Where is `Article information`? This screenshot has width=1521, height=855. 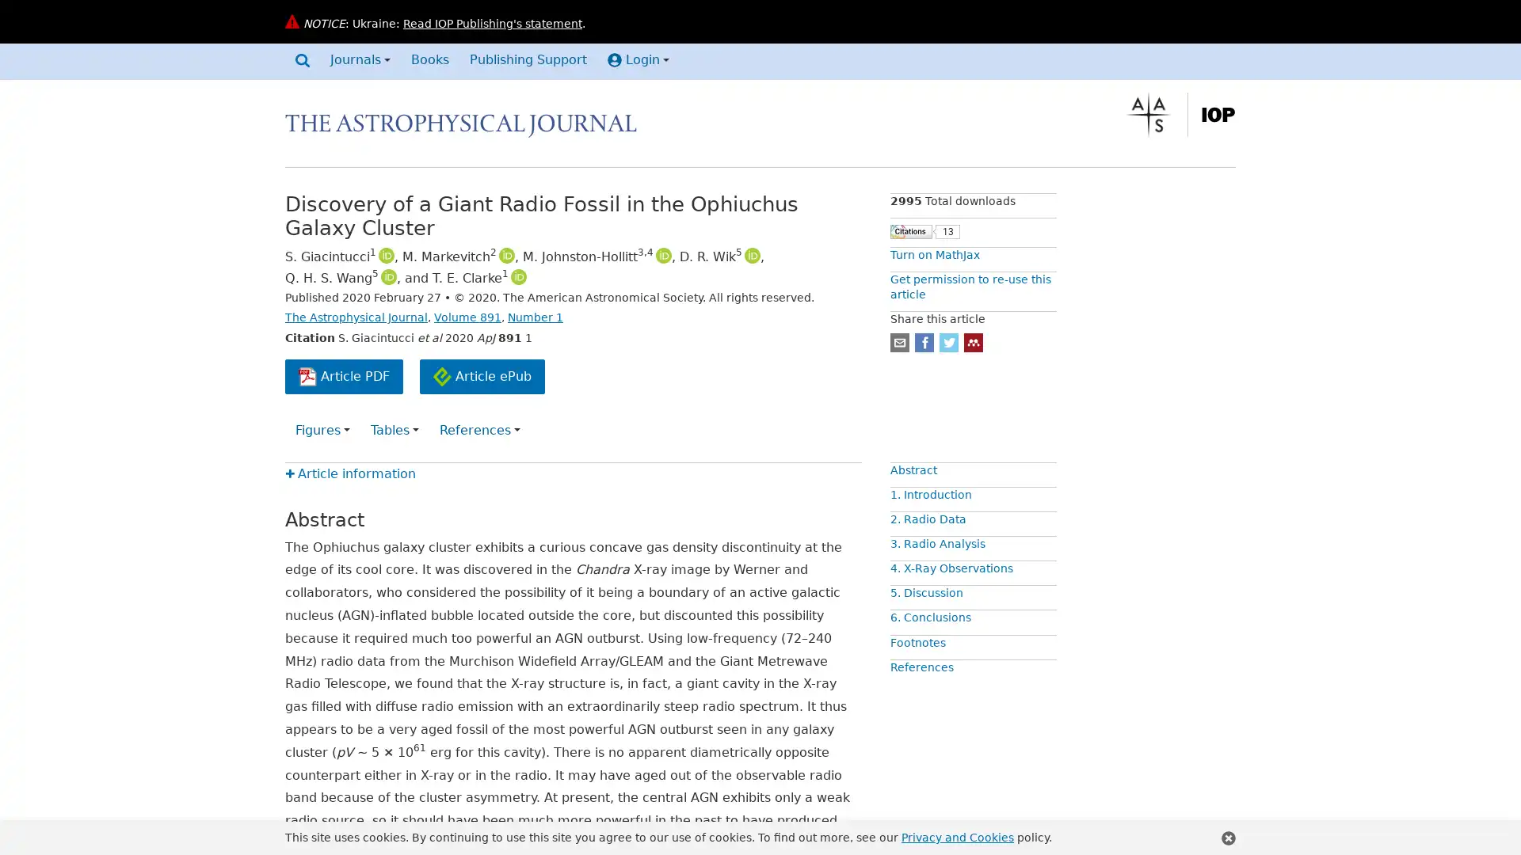
Article information is located at coordinates (349, 472).